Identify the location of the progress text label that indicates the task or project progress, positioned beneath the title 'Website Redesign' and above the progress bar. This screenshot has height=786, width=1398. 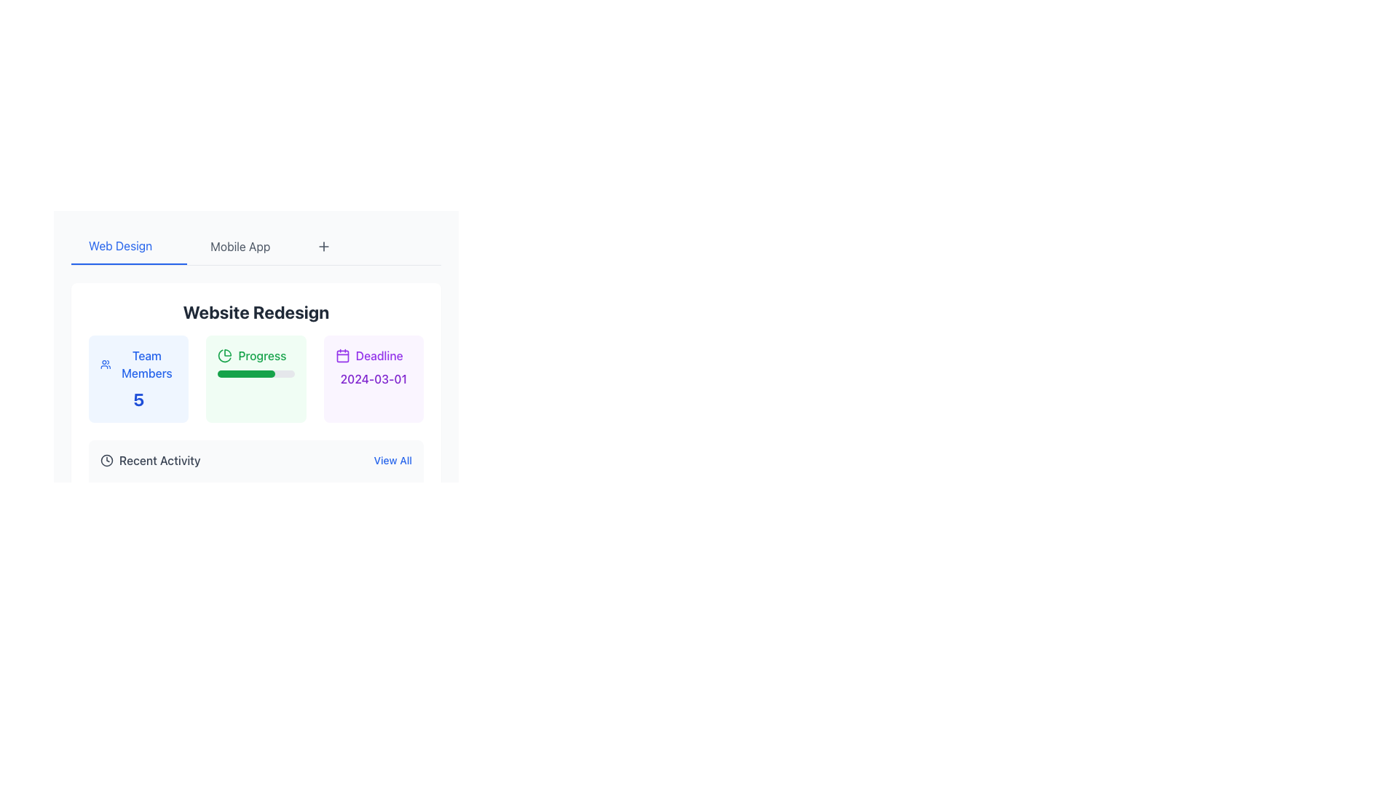
(262, 356).